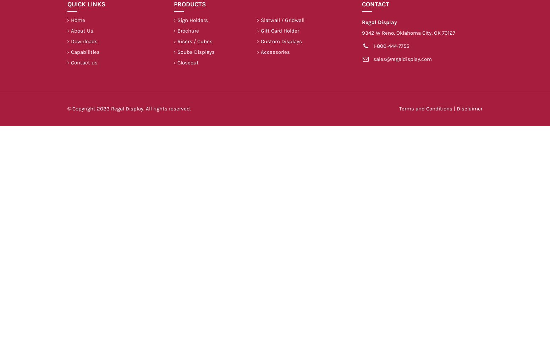  What do you see at coordinates (67, 109) in the screenshot?
I see `'© Copyright 2023  Regal Display. All rights reserved.'` at bounding box center [67, 109].